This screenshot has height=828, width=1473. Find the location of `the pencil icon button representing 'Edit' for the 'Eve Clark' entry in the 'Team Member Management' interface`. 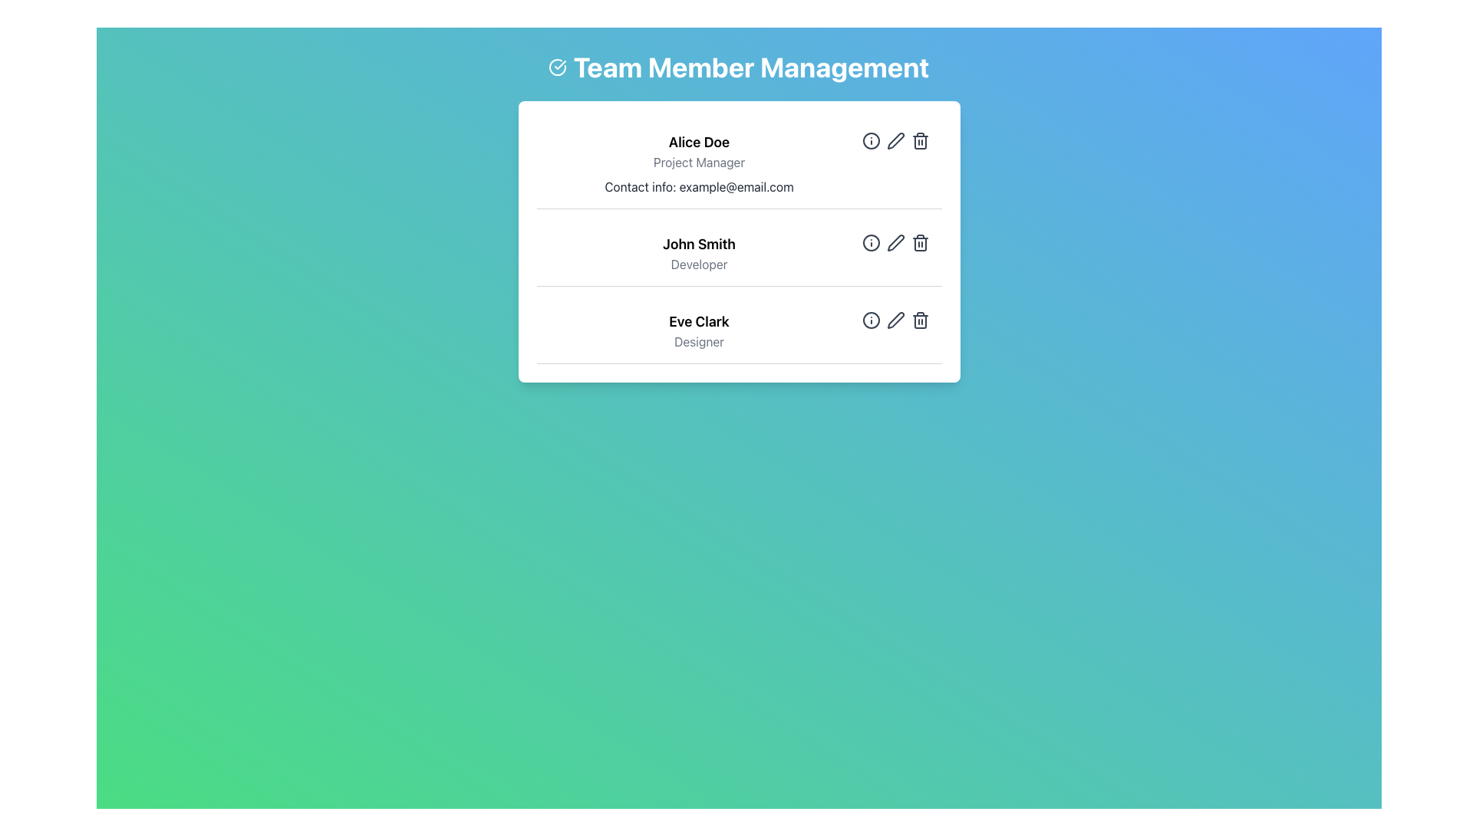

the pencil icon button representing 'Edit' for the 'Eve Clark' entry in the 'Team Member Management' interface is located at coordinates (895, 319).